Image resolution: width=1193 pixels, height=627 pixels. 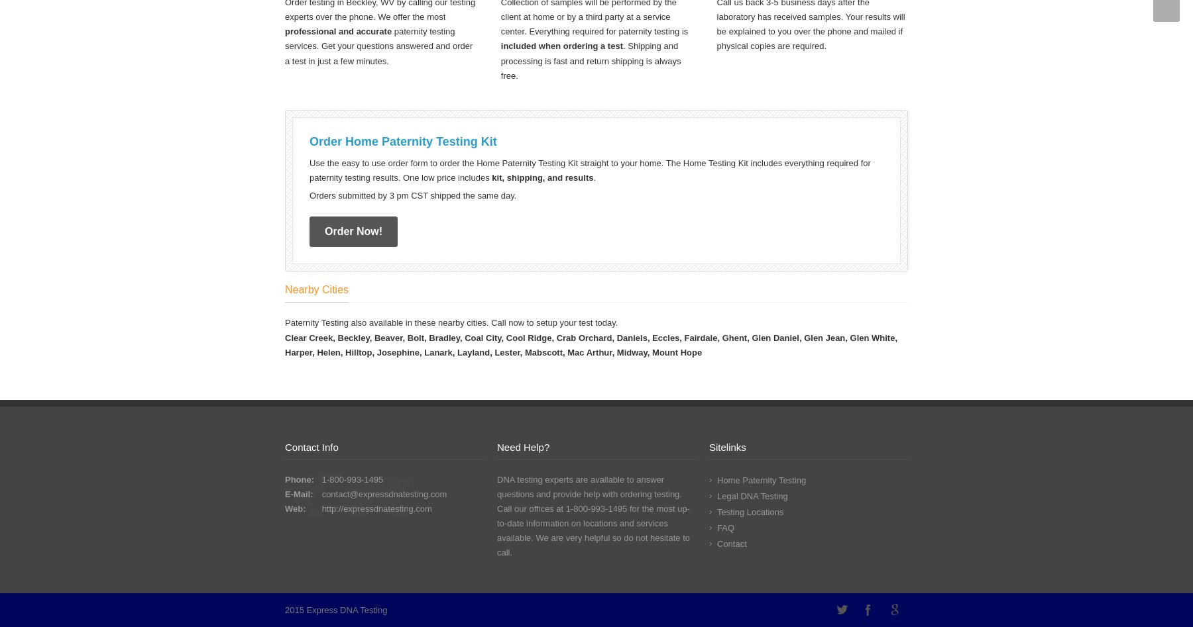 What do you see at coordinates (316, 289) in the screenshot?
I see `'Nearby Cities'` at bounding box center [316, 289].